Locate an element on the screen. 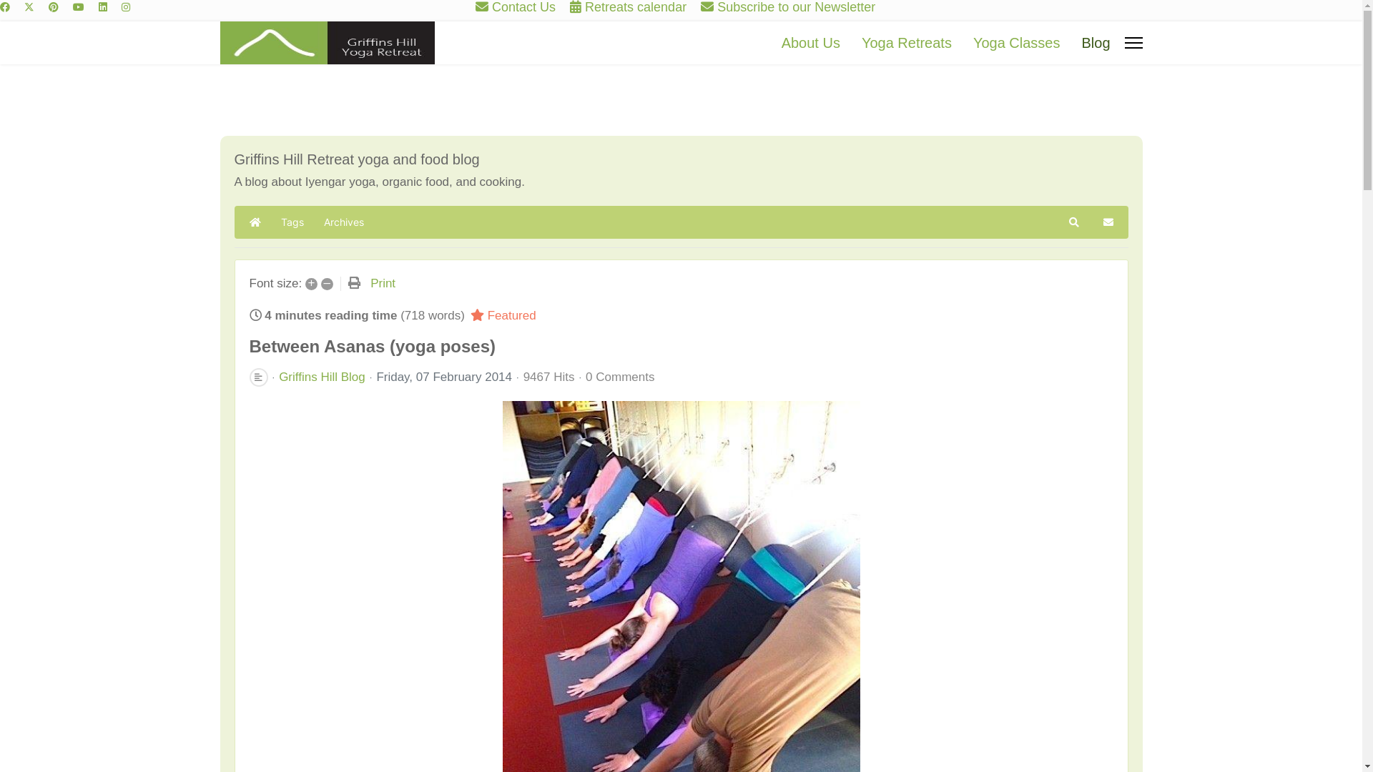 The width and height of the screenshot is (1373, 772). '0 Comments' is located at coordinates (620, 376).